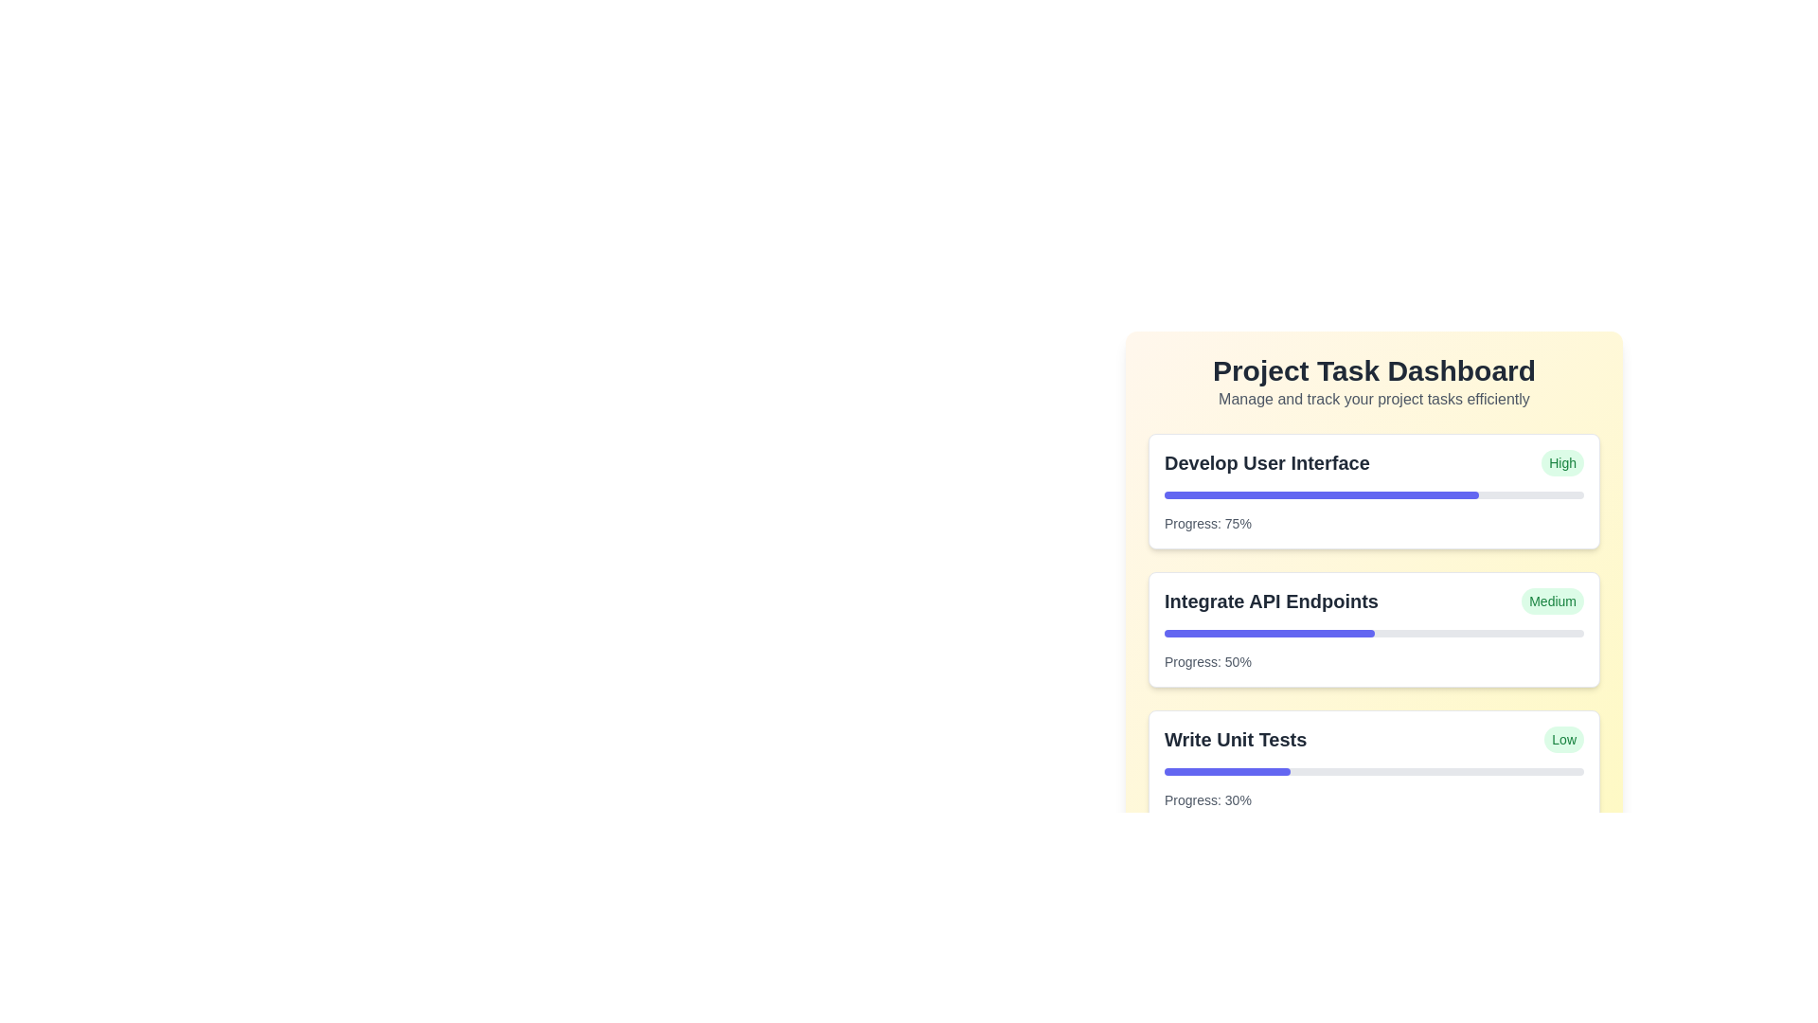 The width and height of the screenshot is (1818, 1023). Describe the element at coordinates (1564, 738) in the screenshot. I see `status label or badge indicating 'Low', which is a small rectangular badge with rounded corners, light green background, and green text, located to the far right of the row containing 'Write Unit Tests'` at that location.